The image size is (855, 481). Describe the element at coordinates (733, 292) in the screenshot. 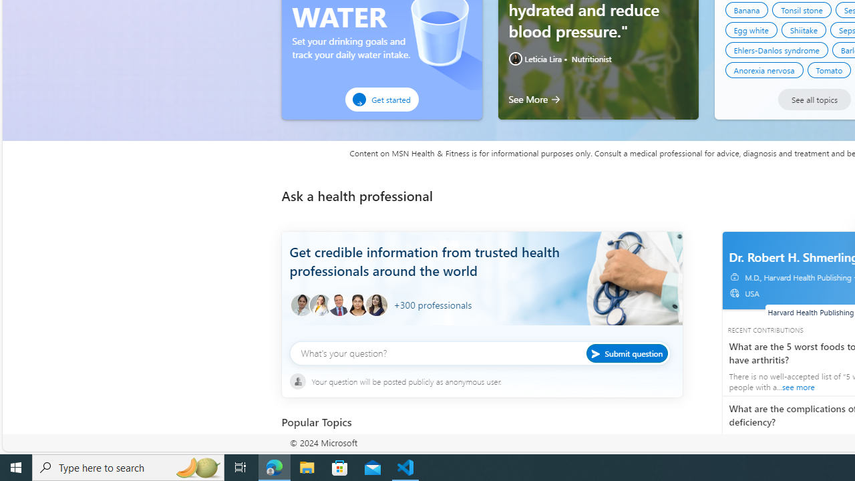

I see `'Class: vecOut'` at that location.